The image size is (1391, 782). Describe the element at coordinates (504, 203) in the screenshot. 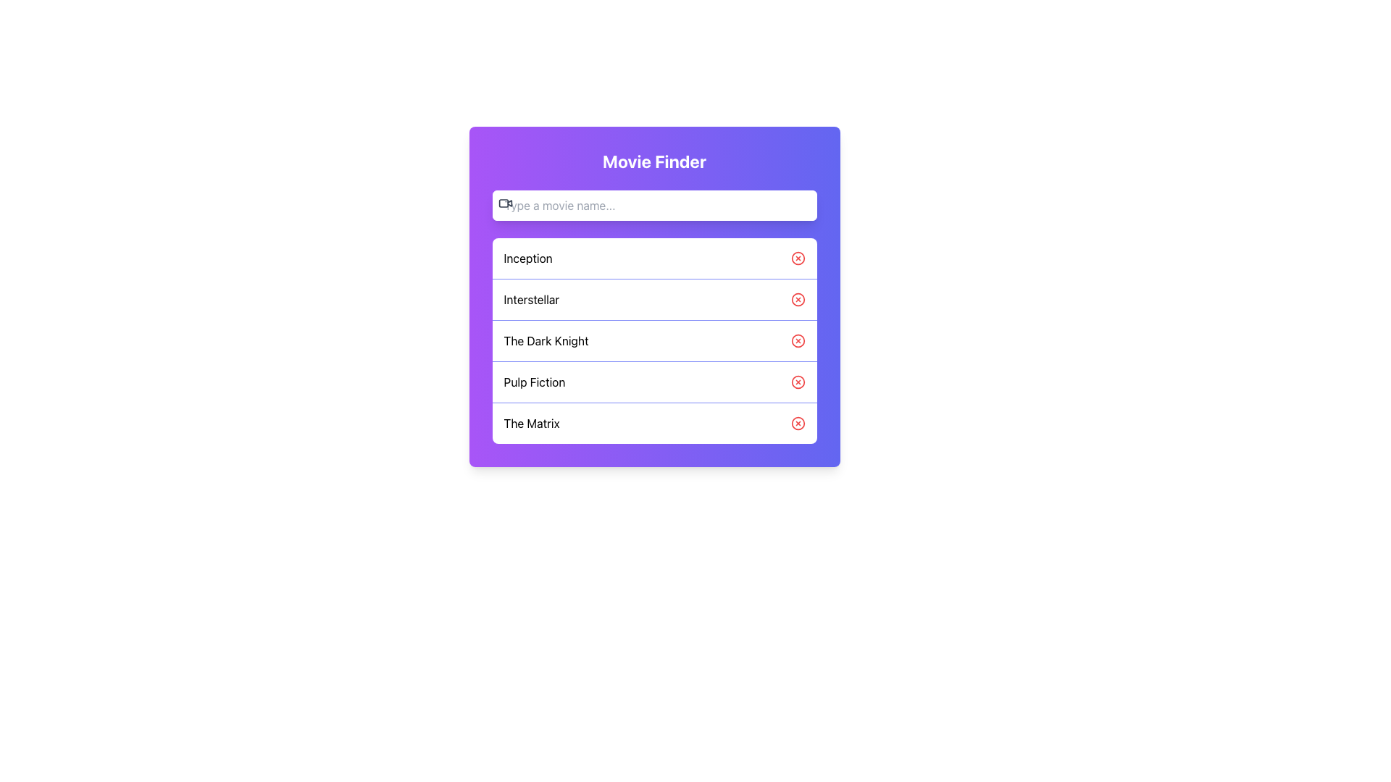

I see `the rectangular graphical icon component with rounded corners located near the top-left corner of the movie name input field` at that location.